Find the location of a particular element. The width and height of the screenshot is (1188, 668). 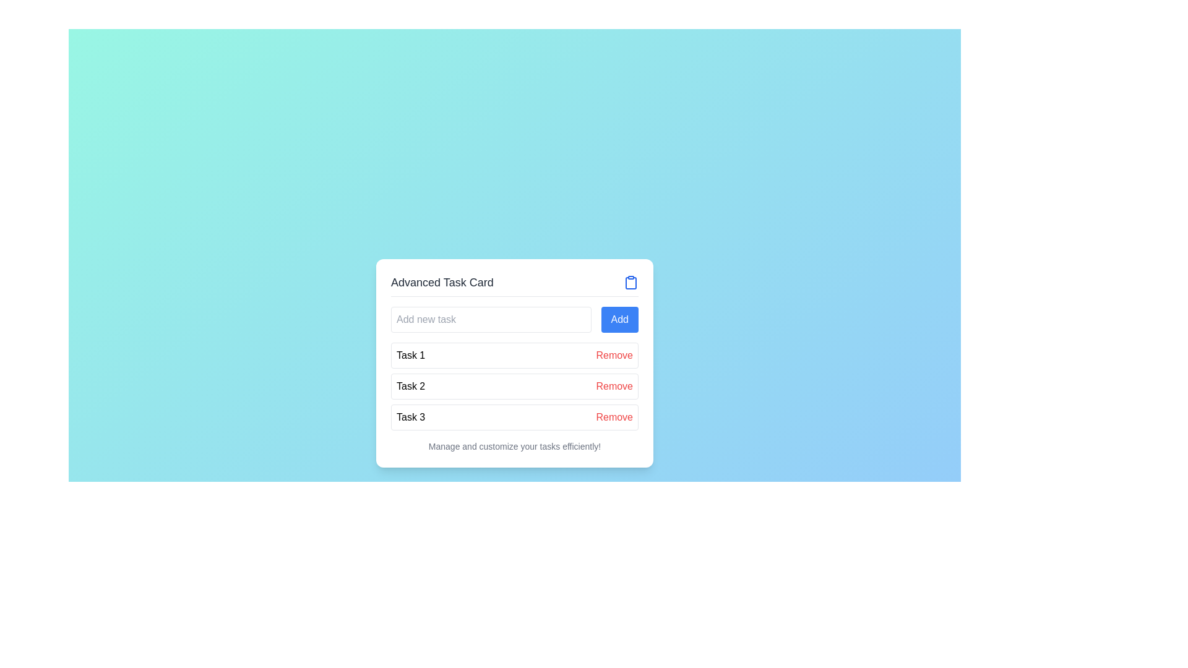

text label 'Task 3' which is the third entry in a task list on a card interface, located in the lower-left quadrant of the card is located at coordinates (411, 417).